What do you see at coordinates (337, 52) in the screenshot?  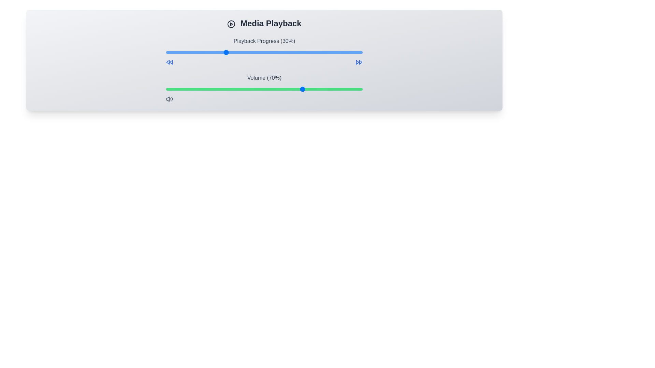 I see `the playback progress to 87% by moving the slider` at bounding box center [337, 52].